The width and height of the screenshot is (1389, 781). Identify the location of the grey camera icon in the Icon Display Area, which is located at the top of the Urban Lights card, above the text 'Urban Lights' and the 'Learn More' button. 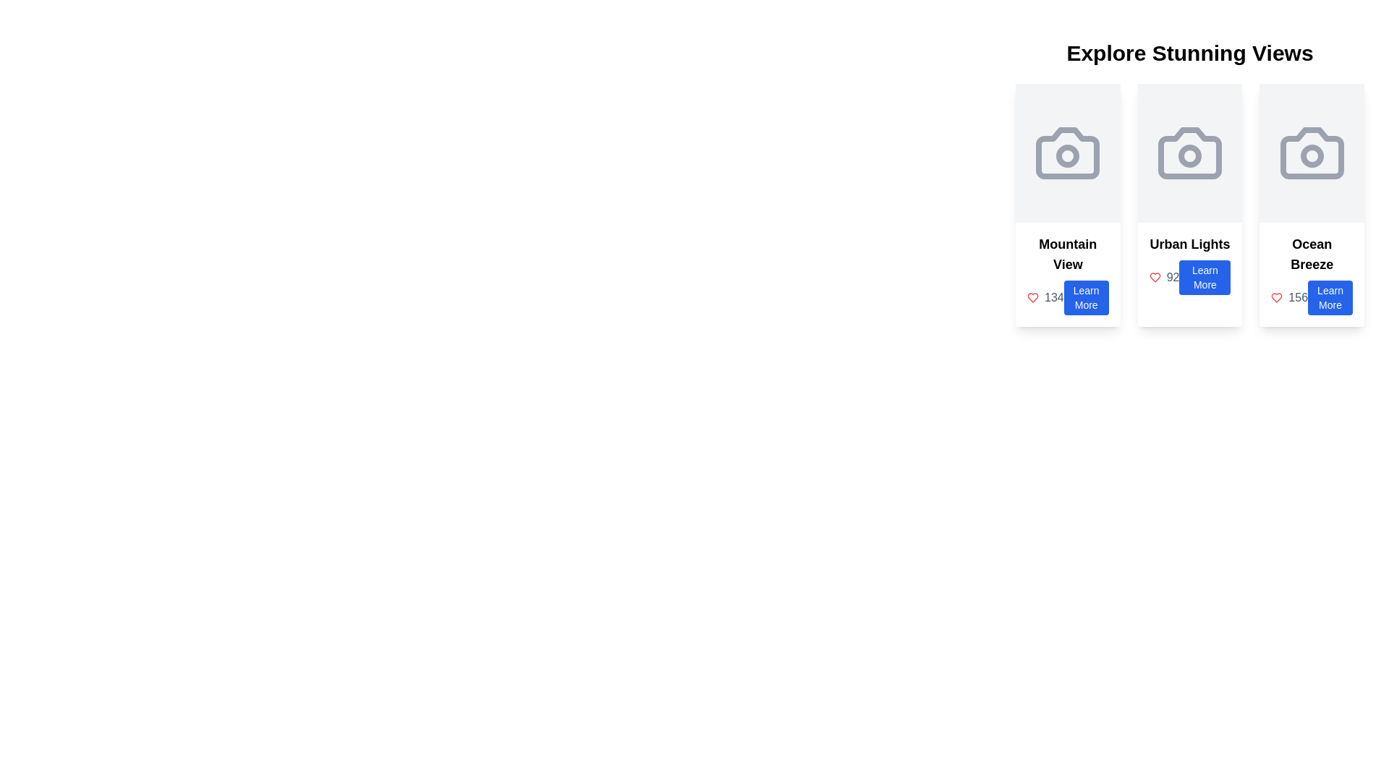
(1190, 153).